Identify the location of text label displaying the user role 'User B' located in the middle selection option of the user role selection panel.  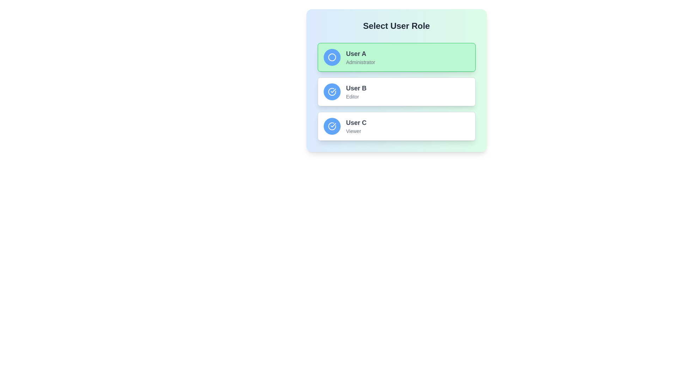
(356, 88).